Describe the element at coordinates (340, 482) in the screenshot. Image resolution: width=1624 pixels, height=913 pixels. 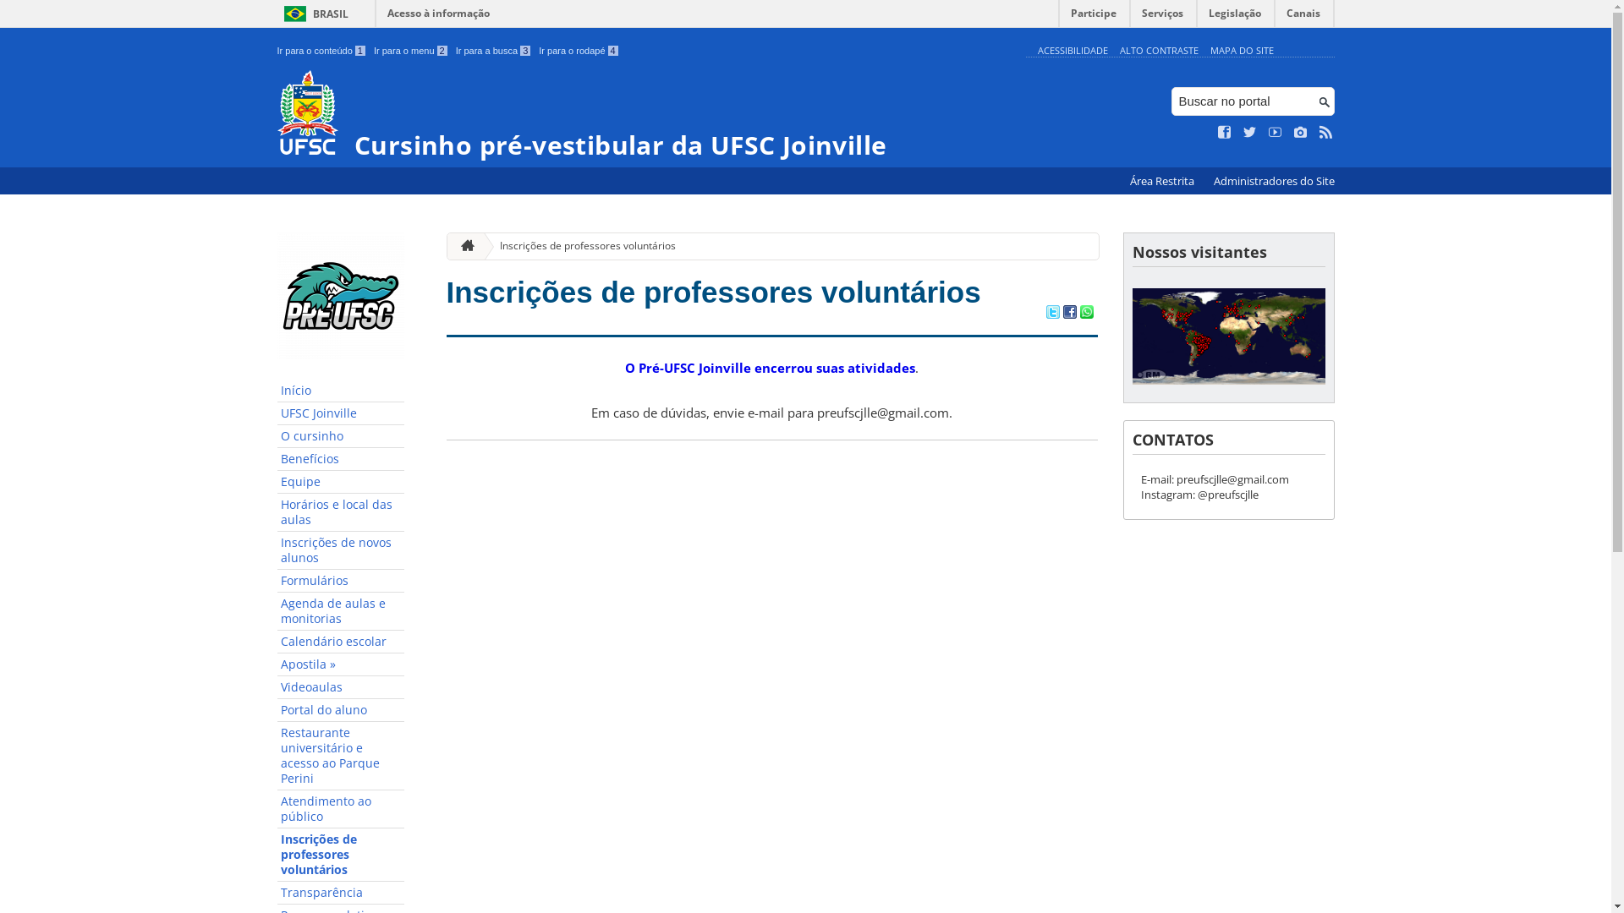
I see `'Equipe'` at that location.